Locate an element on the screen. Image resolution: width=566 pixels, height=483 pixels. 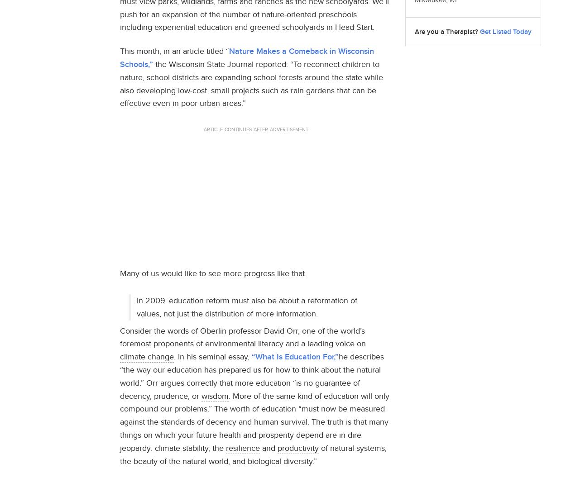
'. In his seminal essay,' is located at coordinates (173, 356).